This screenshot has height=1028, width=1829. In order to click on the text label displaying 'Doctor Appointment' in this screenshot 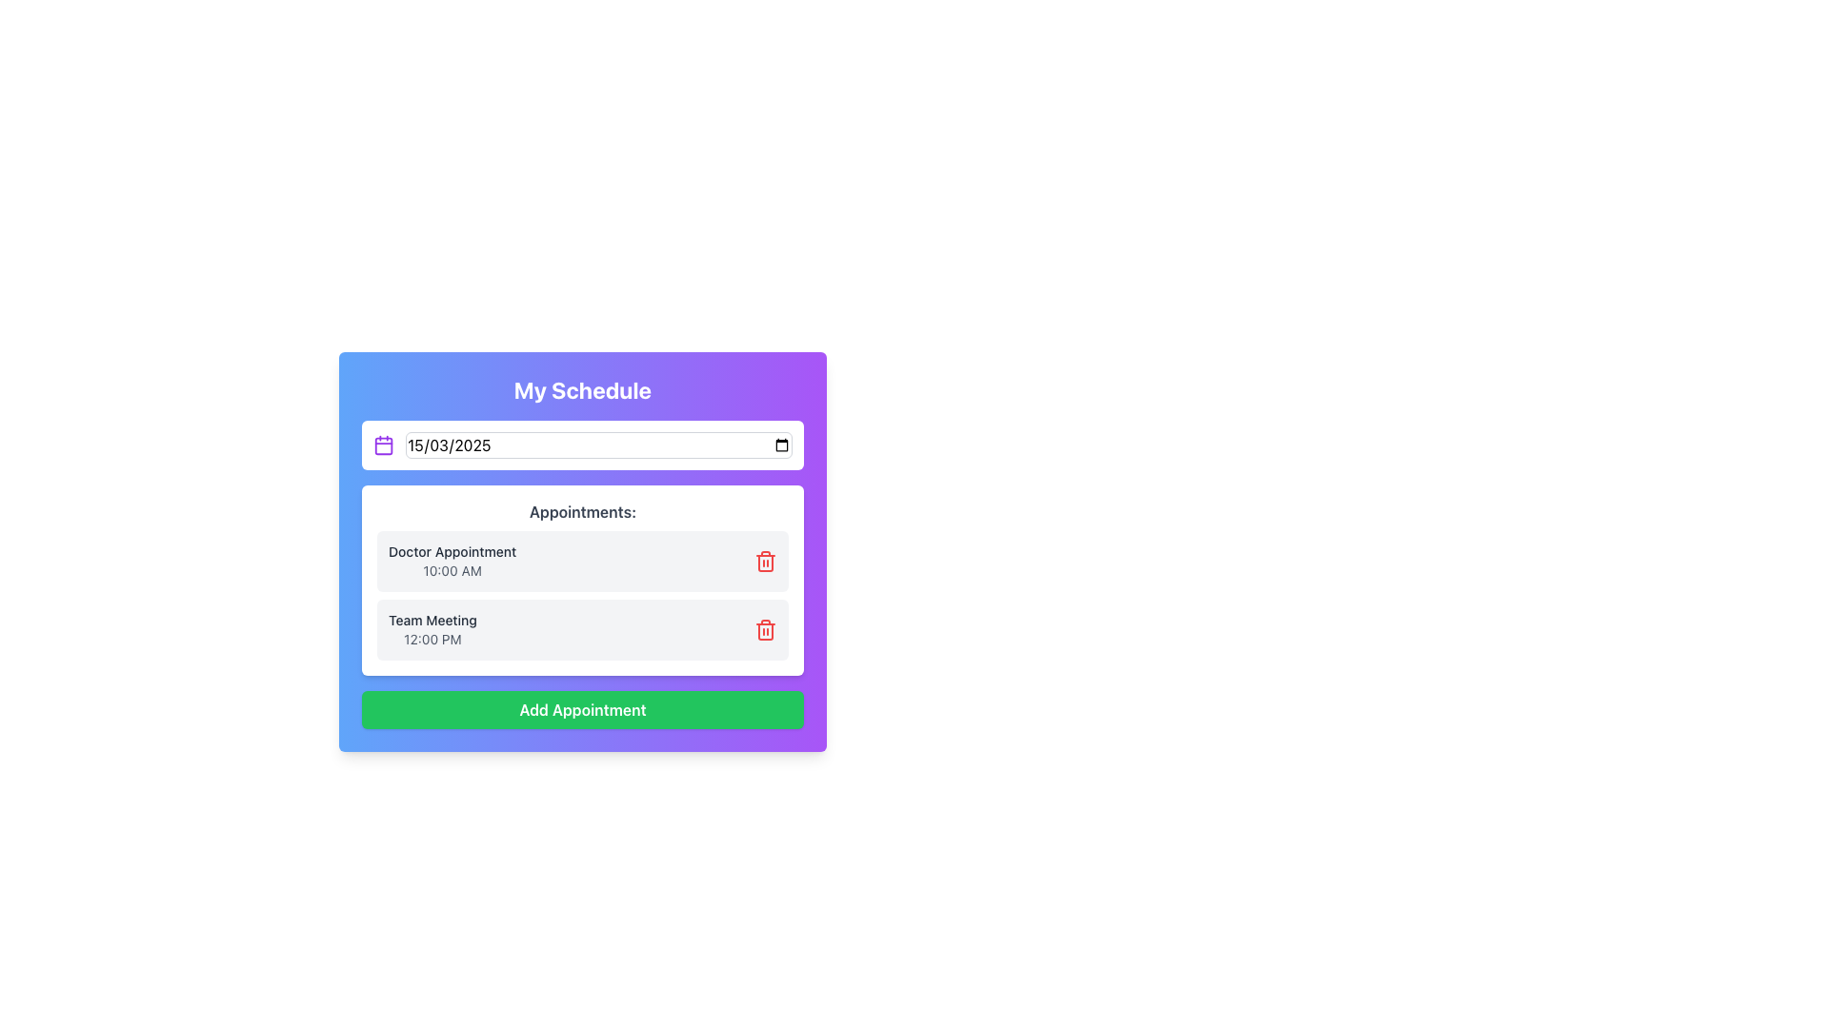, I will do `click(452, 551)`.